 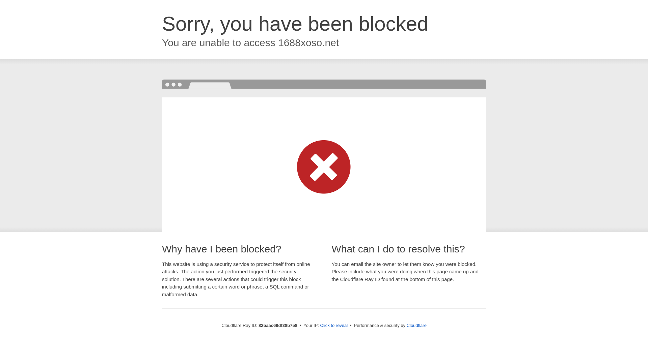 I want to click on 'Click to reveal', so click(x=320, y=325).